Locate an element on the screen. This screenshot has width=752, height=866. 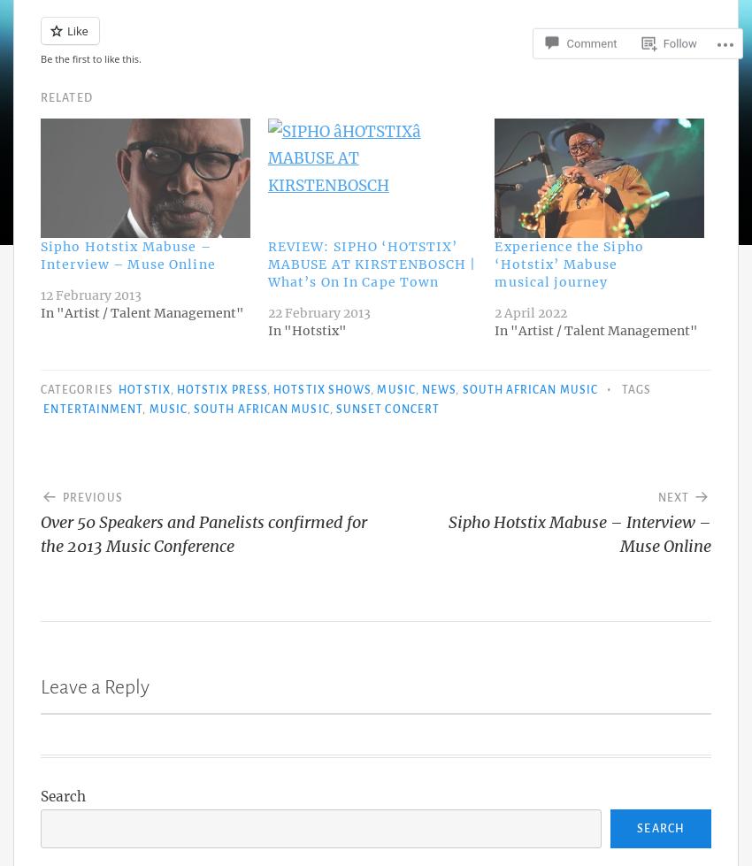
'Categories' is located at coordinates (76, 388).